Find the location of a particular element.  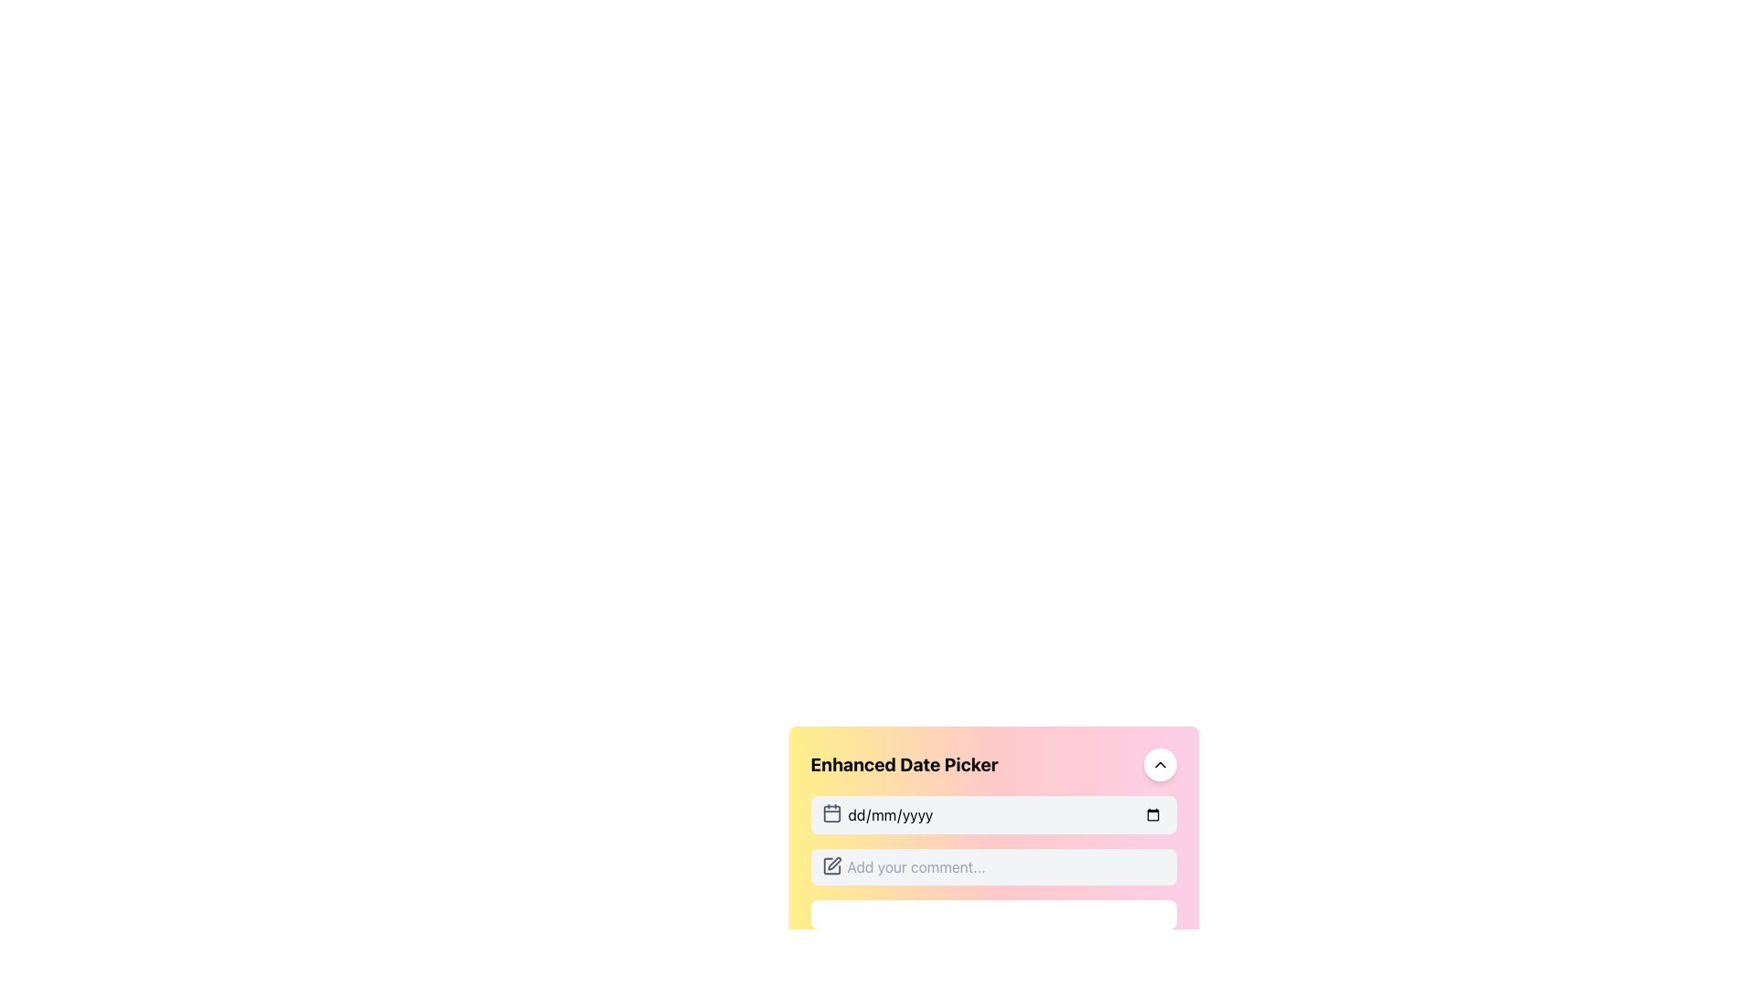

the gray pen icon located inside the 'Add your comment...' text input field to start inputting text is located at coordinates (830, 865).